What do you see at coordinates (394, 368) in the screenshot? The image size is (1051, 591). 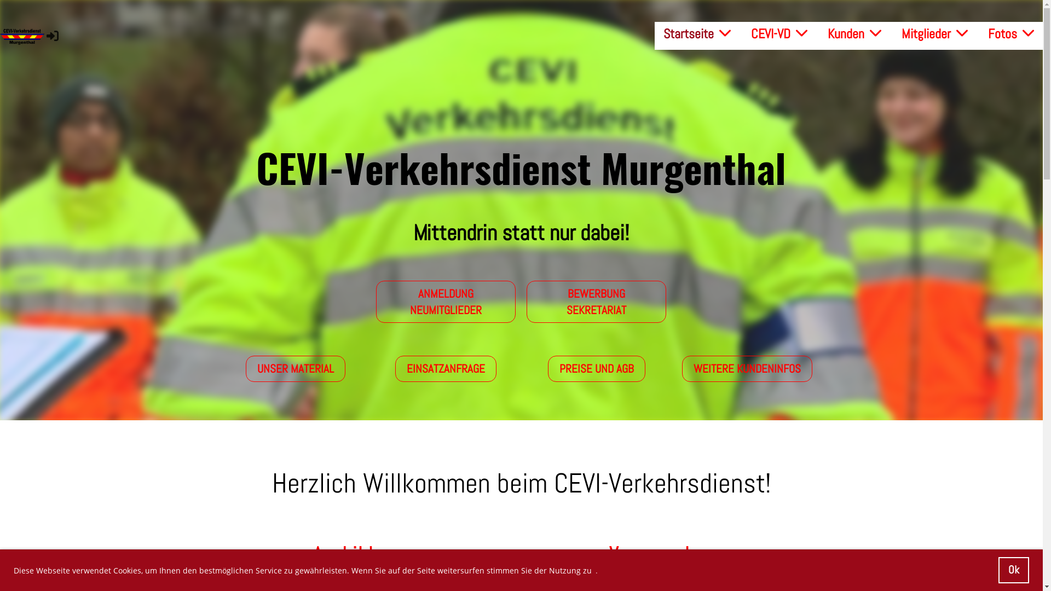 I see `'EINSATZANFRAGE'` at bounding box center [394, 368].